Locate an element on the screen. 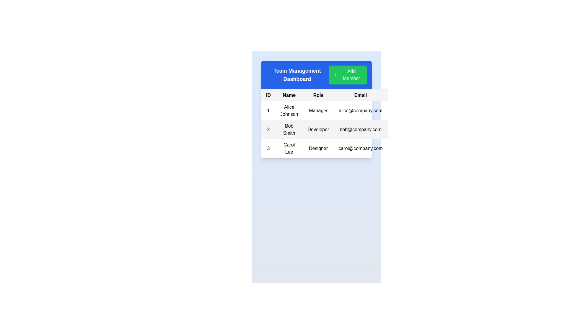 Image resolution: width=567 pixels, height=319 pixels. the static text element representing the name 'Alice Johnson' in the second column of the first row of the data table is located at coordinates (289, 110).